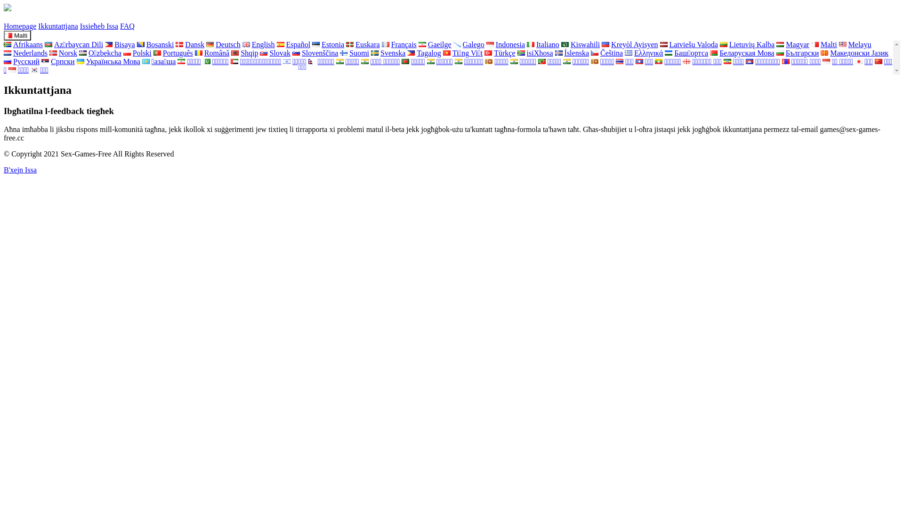 The width and height of the screenshot is (904, 509). What do you see at coordinates (127, 25) in the screenshot?
I see `'FAQ'` at bounding box center [127, 25].